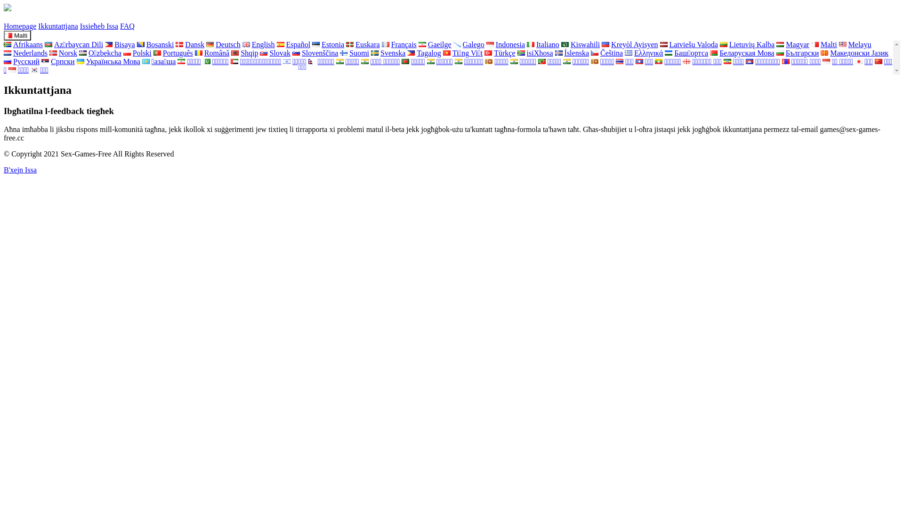 The width and height of the screenshot is (904, 509). What do you see at coordinates (127, 25) in the screenshot?
I see `'FAQ'` at bounding box center [127, 25].